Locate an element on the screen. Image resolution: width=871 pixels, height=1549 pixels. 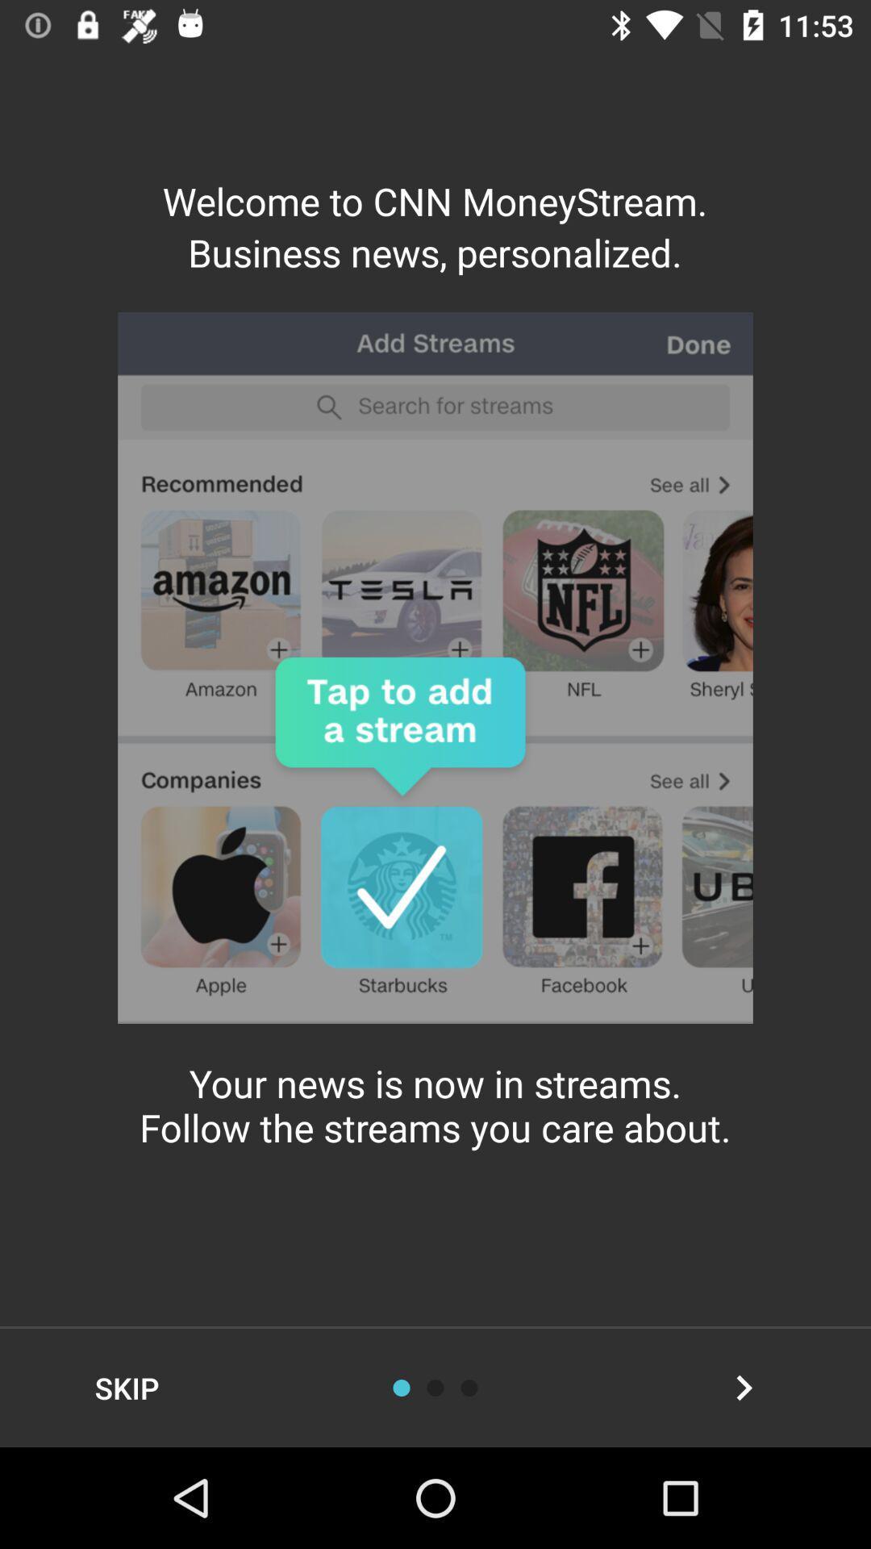
navigate to next screen is located at coordinates (744, 1387).